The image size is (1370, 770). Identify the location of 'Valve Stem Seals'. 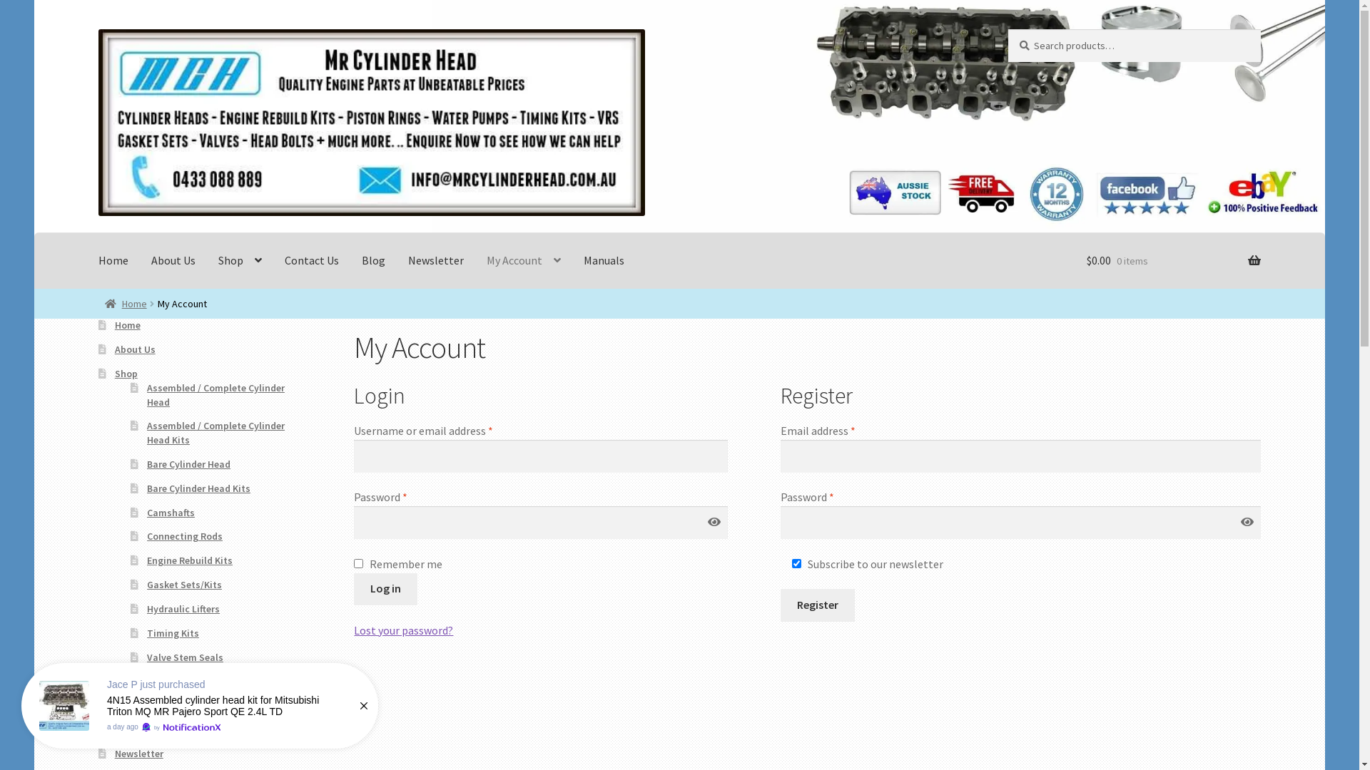
(184, 657).